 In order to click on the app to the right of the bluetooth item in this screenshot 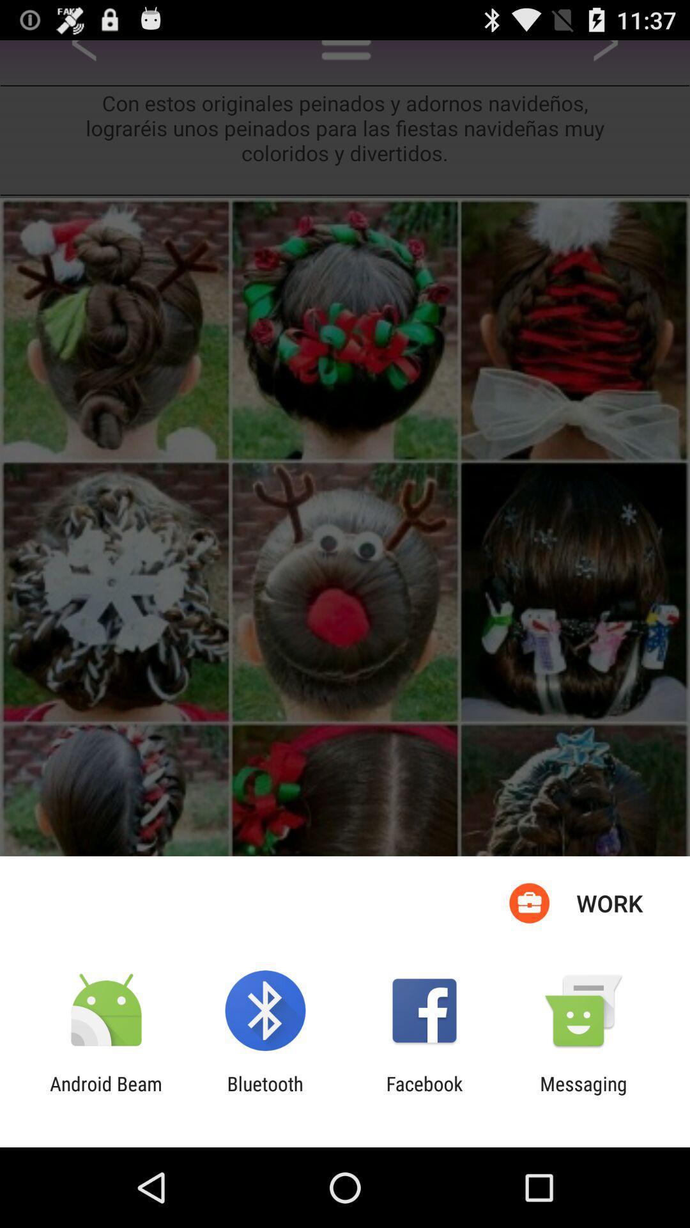, I will do `click(424, 1094)`.